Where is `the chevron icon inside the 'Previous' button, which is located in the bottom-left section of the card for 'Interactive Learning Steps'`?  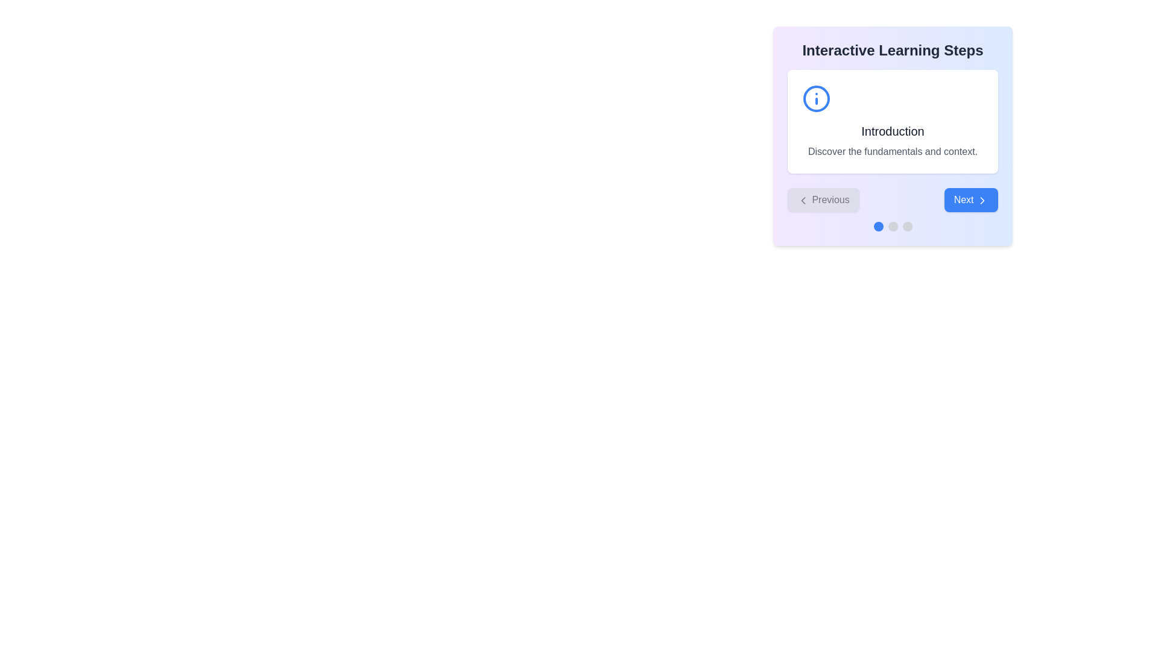
the chevron icon inside the 'Previous' button, which is located in the bottom-left section of the card for 'Interactive Learning Steps' is located at coordinates (803, 199).